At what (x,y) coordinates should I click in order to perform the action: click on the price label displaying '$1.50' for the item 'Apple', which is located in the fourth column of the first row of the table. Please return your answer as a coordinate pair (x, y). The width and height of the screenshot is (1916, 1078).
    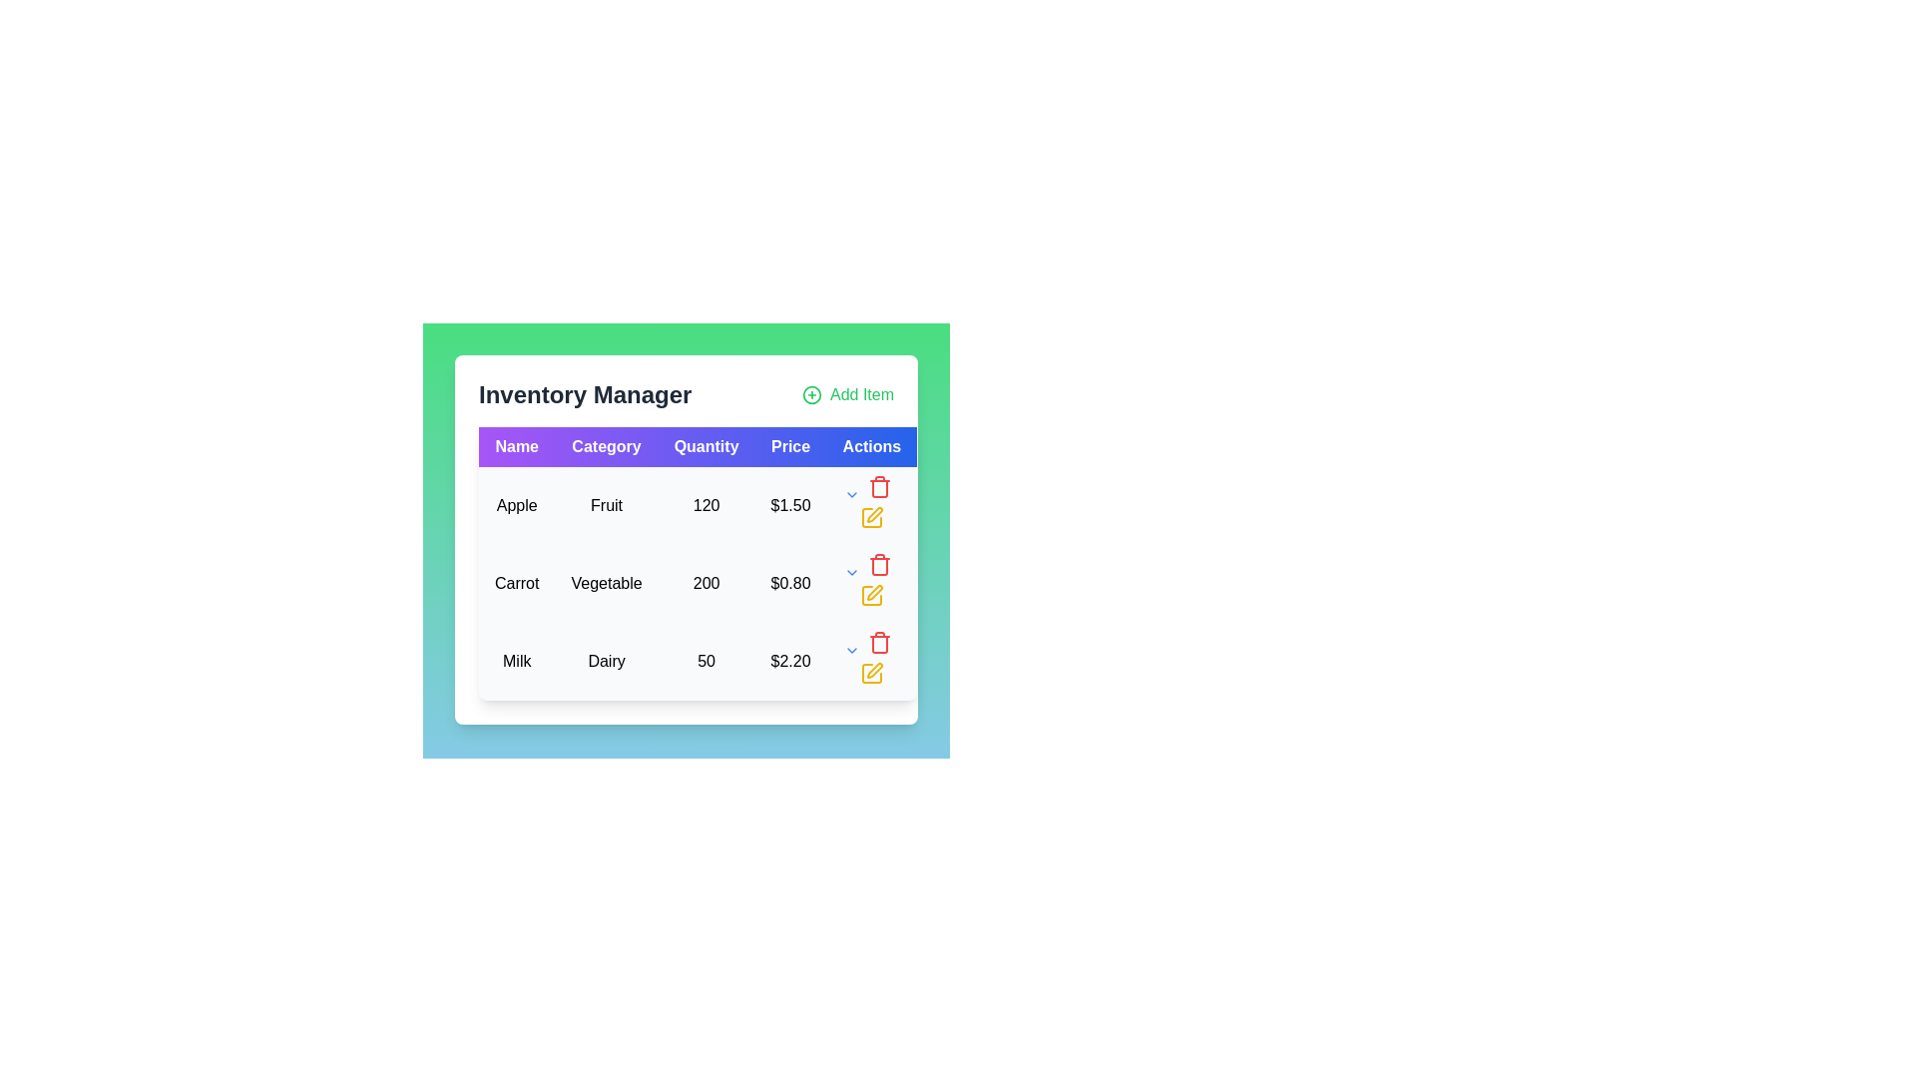
    Looking at the image, I should click on (789, 504).